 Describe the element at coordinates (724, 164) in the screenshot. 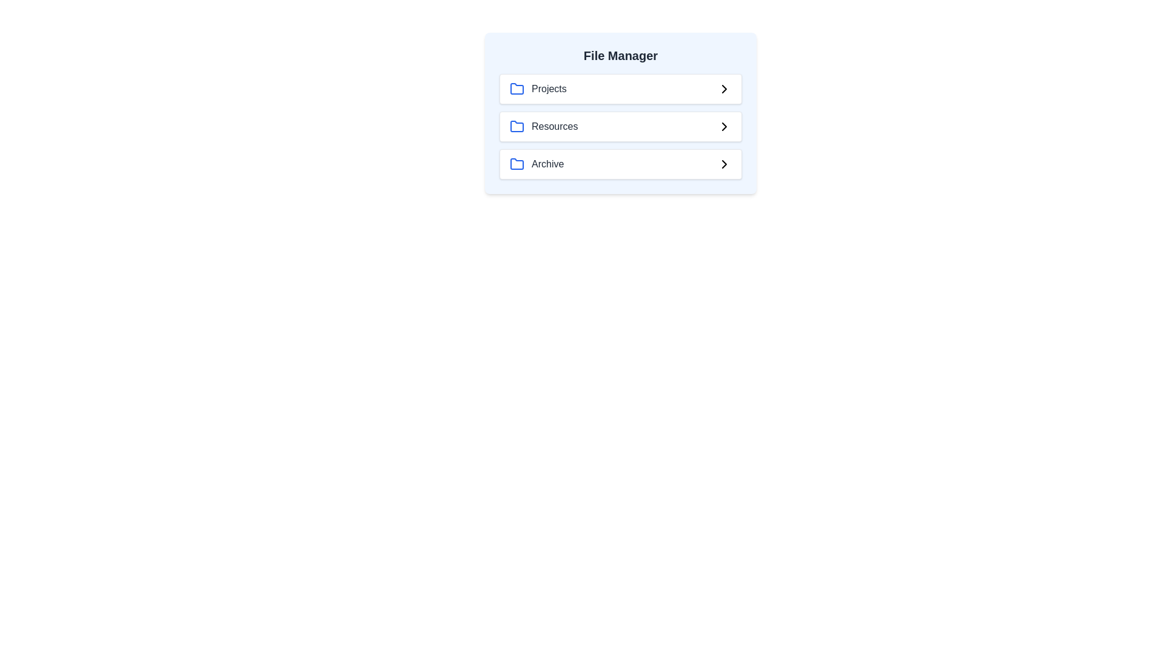

I see `the Chevron arrow icon on the far-right side of the 'Archive' row in the 'File Manager' section` at that location.